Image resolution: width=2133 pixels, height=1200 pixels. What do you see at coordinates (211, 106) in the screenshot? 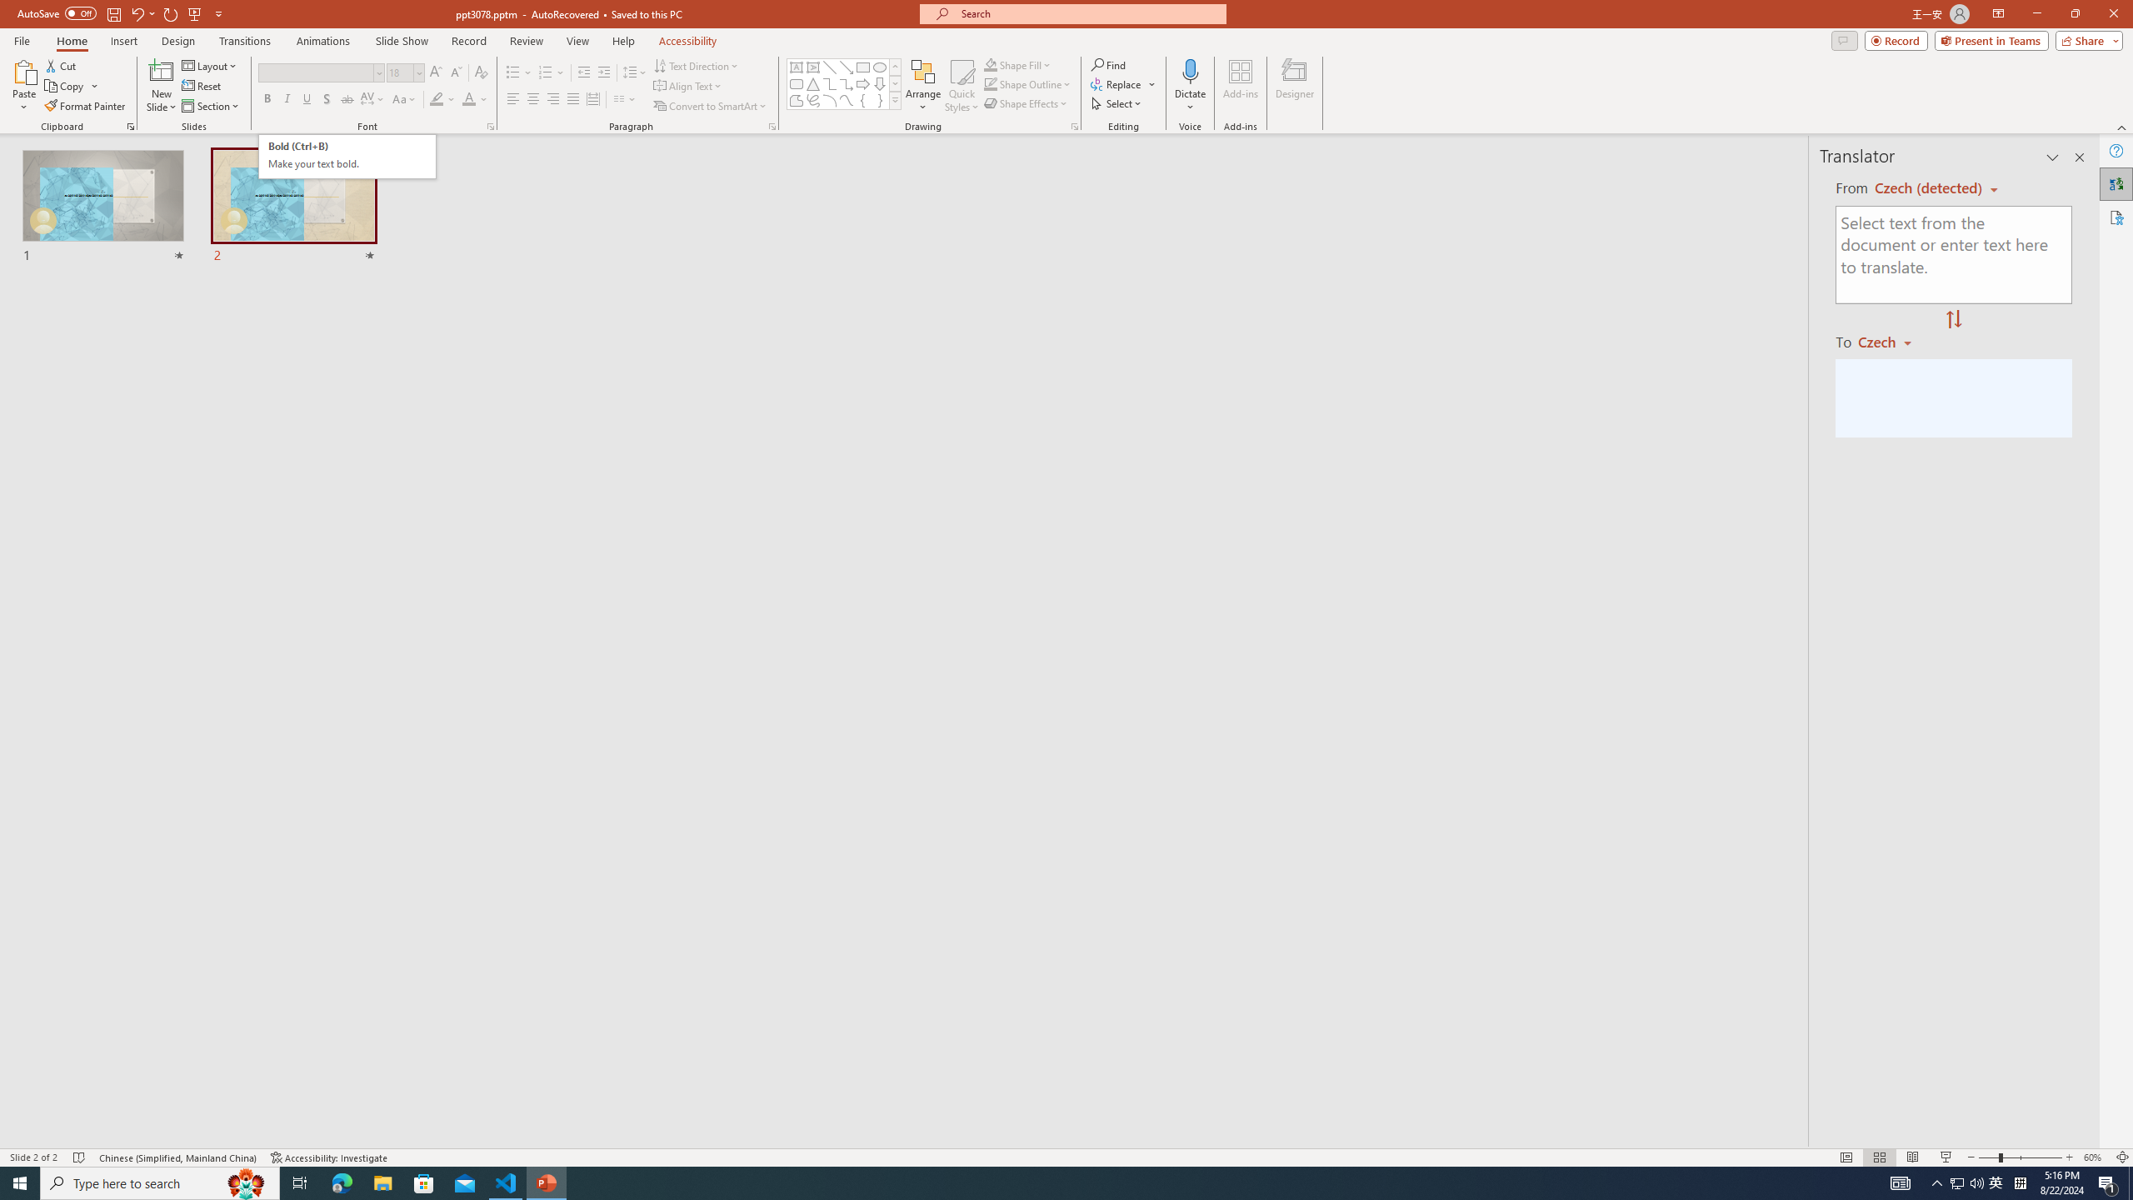
I see `'Section'` at bounding box center [211, 106].